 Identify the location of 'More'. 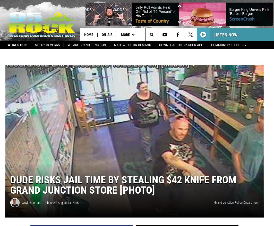
(125, 34).